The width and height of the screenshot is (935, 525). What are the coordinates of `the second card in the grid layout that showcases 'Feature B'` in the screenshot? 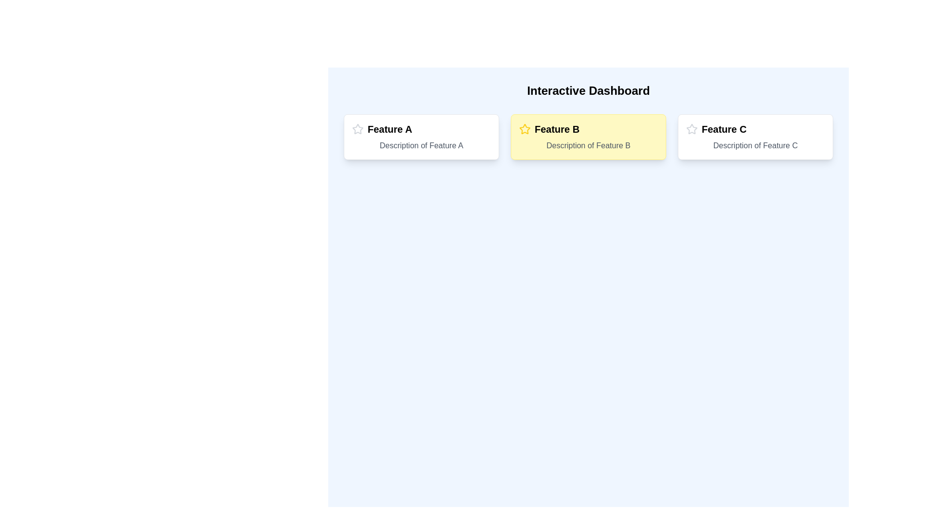 It's located at (588, 137).